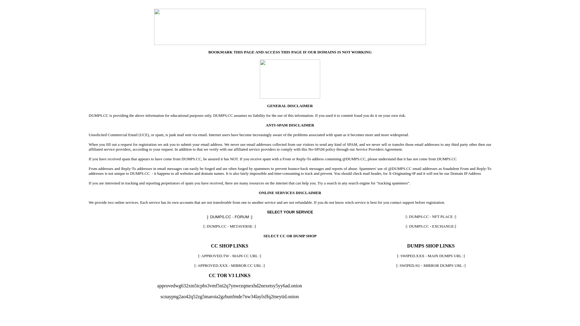 This screenshot has width=580, height=326. I want to click on '[: DUMPS.CC - NFT PLACE :]', so click(430, 216).